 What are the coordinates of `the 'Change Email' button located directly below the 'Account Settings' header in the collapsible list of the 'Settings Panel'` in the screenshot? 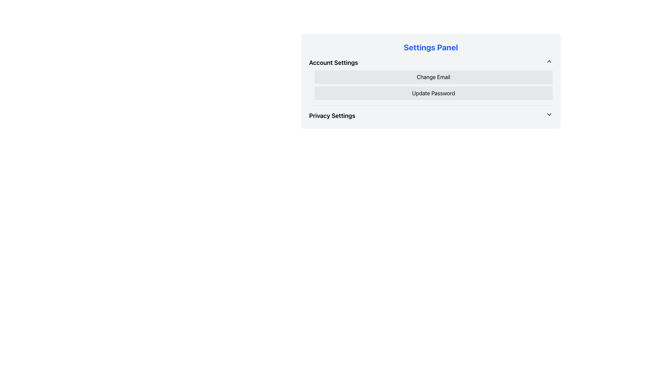 It's located at (430, 81).